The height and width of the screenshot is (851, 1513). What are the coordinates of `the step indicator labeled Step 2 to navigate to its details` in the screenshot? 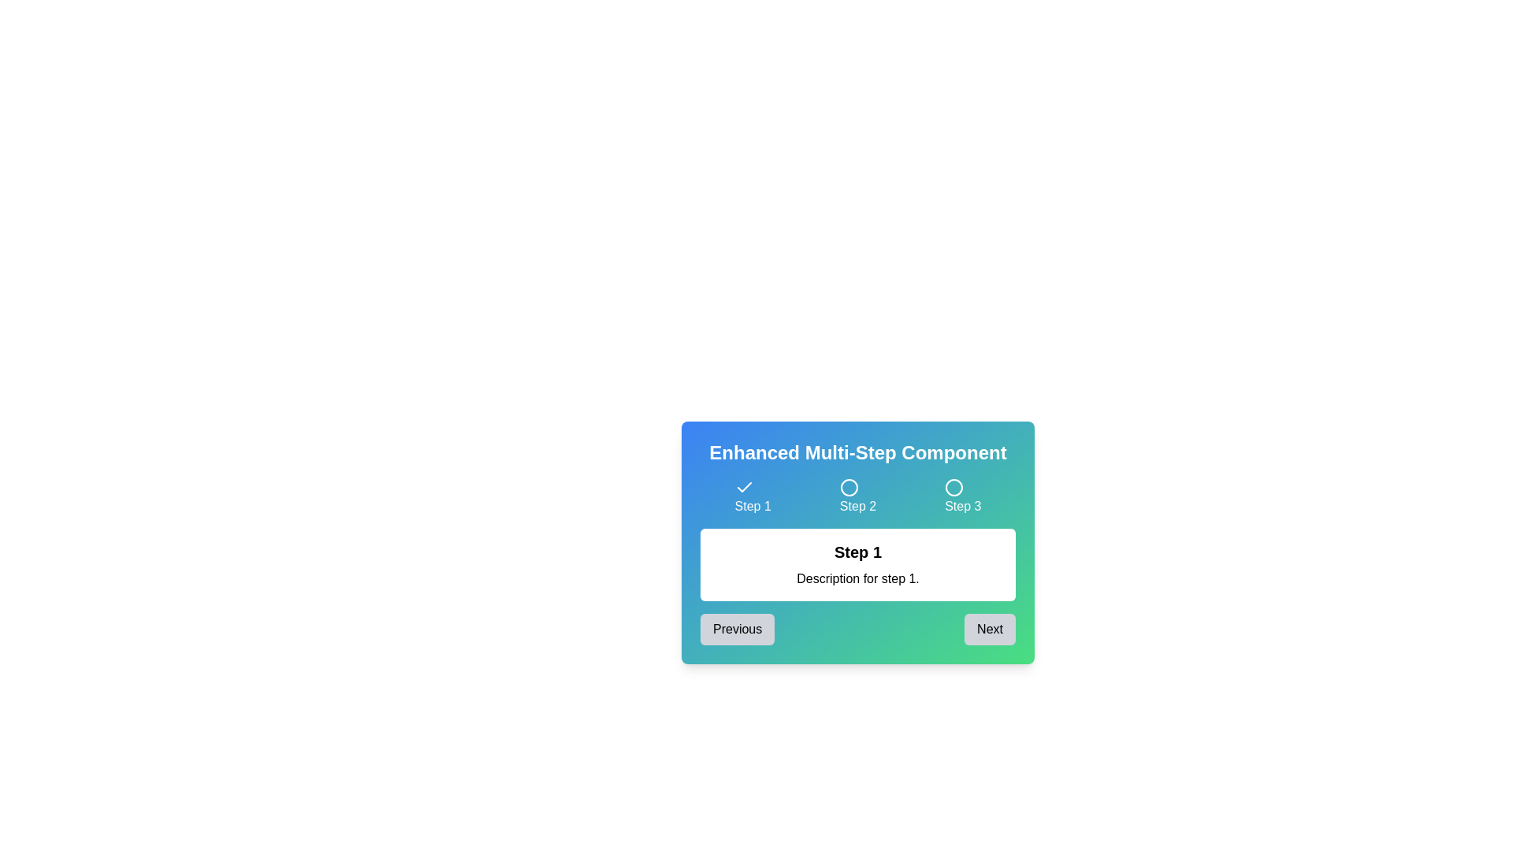 It's located at (857, 497).